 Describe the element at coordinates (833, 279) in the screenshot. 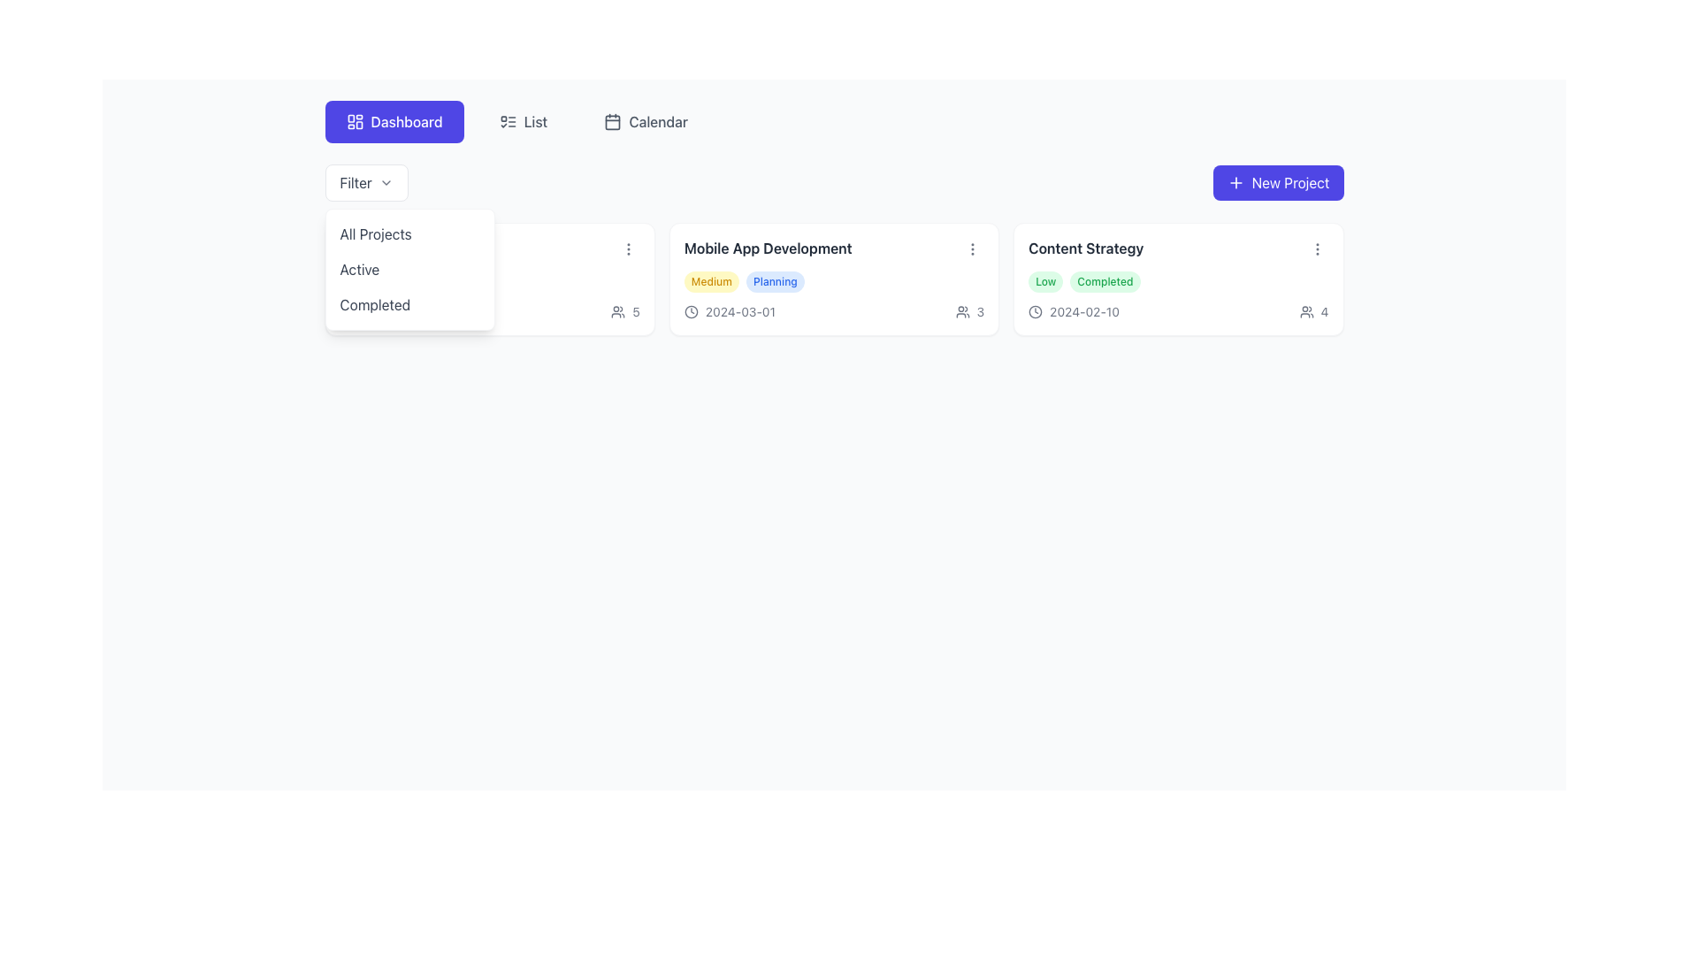

I see `the Informational Card that provides an overview of a project or task, located` at that location.